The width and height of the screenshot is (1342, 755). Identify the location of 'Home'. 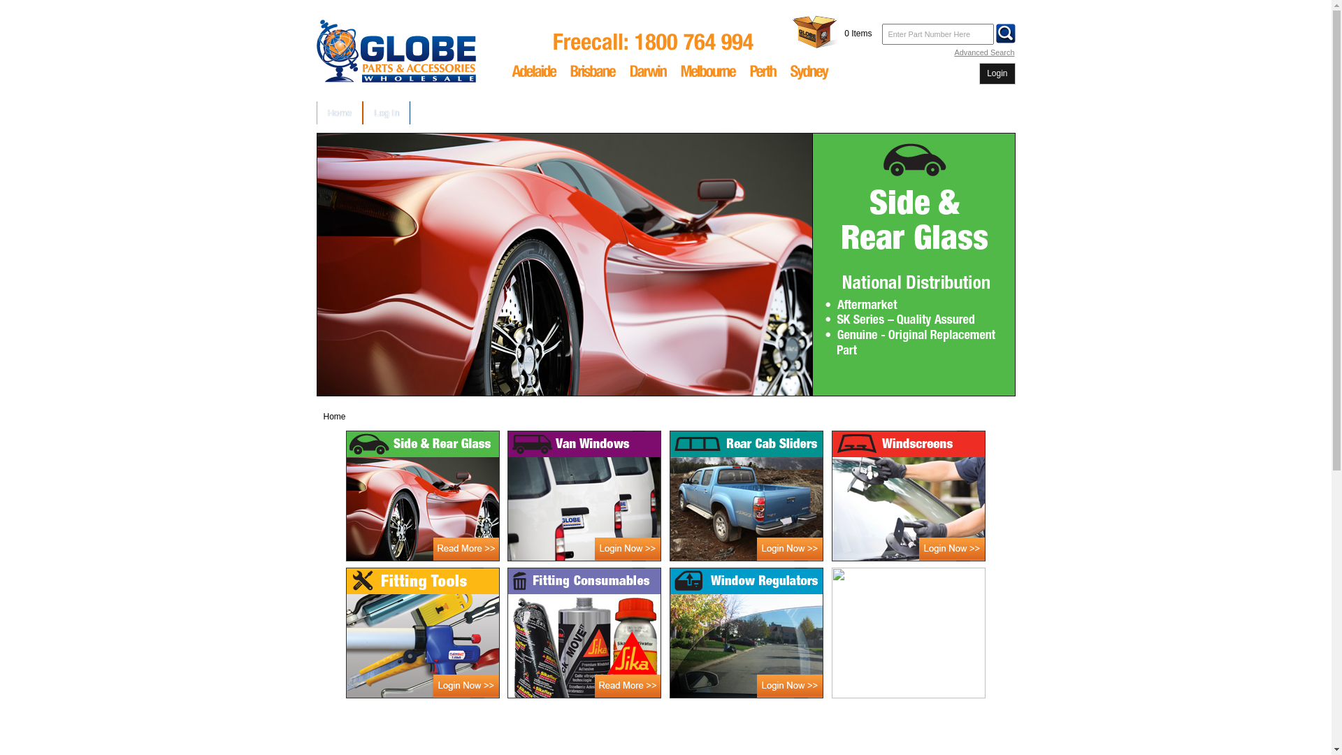
(340, 112).